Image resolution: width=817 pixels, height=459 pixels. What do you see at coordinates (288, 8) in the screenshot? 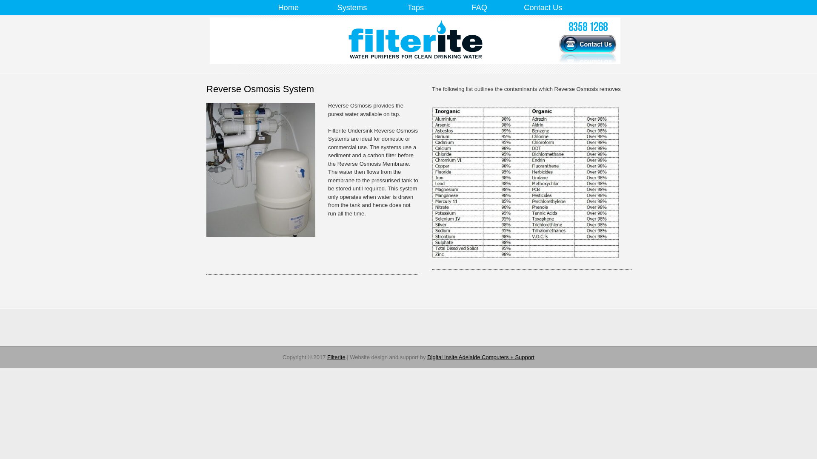
I see `'Home'` at bounding box center [288, 8].